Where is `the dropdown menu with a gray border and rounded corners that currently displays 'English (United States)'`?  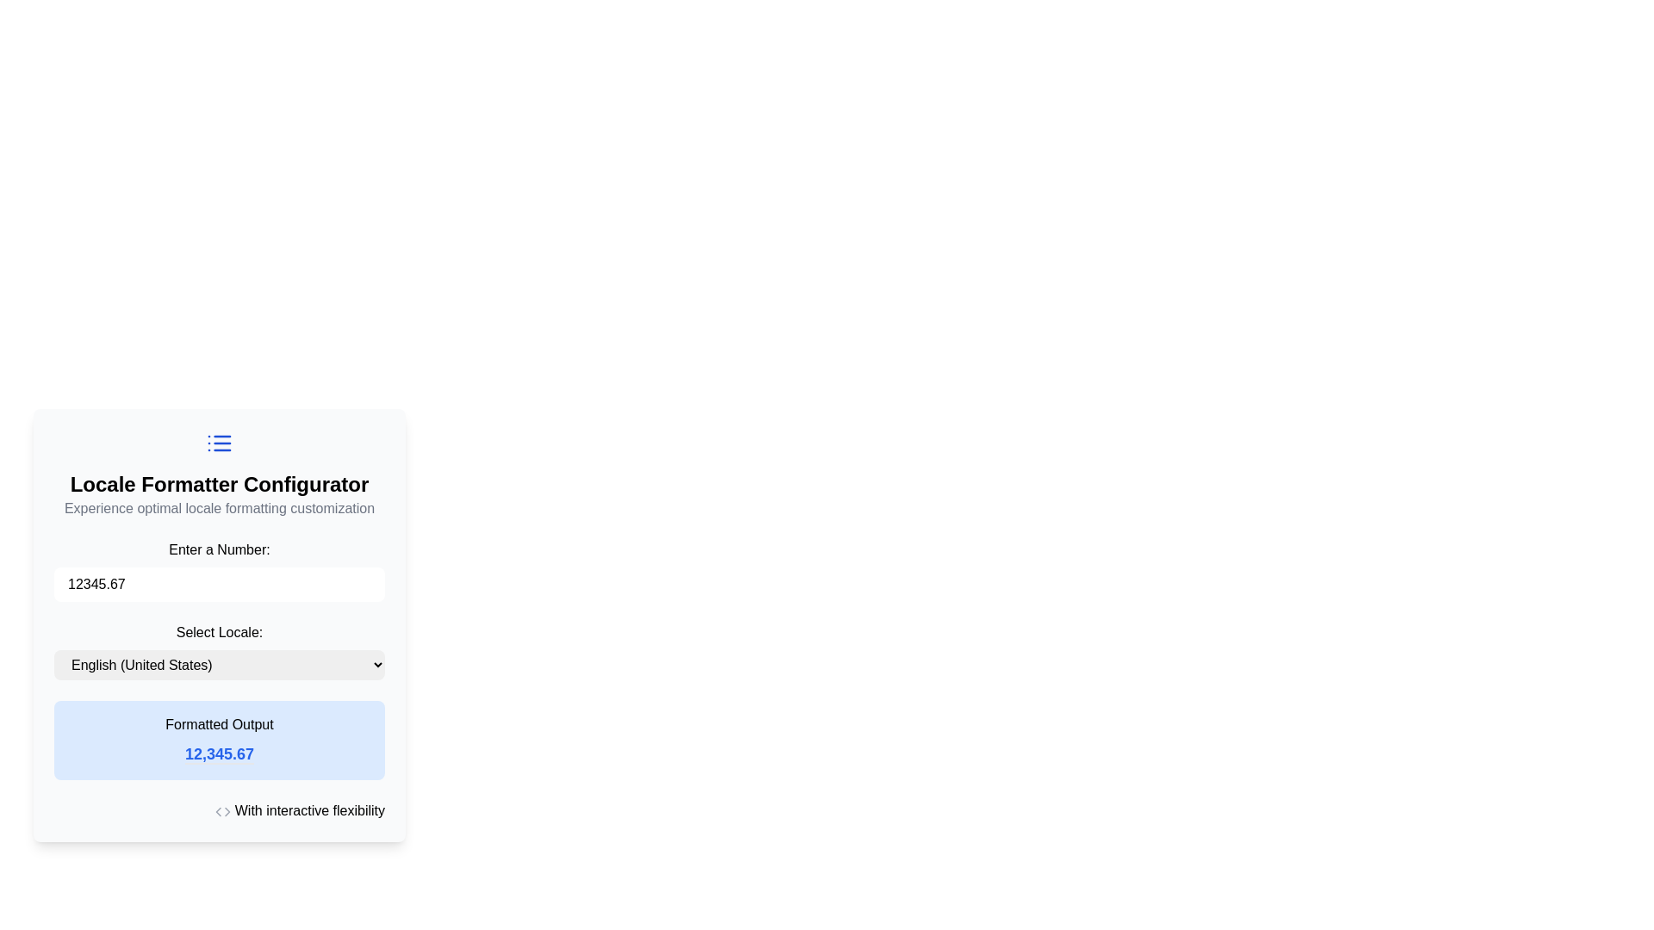
the dropdown menu with a gray border and rounded corners that currently displays 'English (United States)' is located at coordinates (218, 664).